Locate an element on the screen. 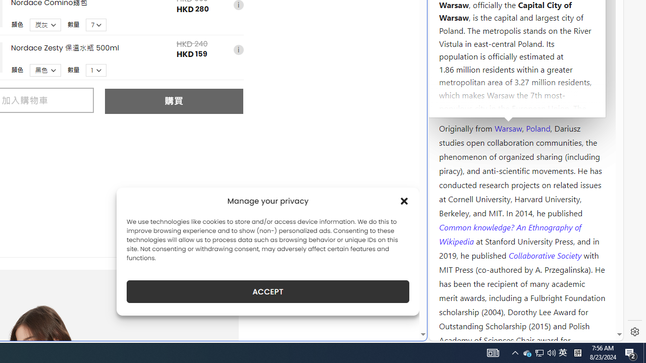 The width and height of the screenshot is (646, 363). 'i' is located at coordinates (238, 50).